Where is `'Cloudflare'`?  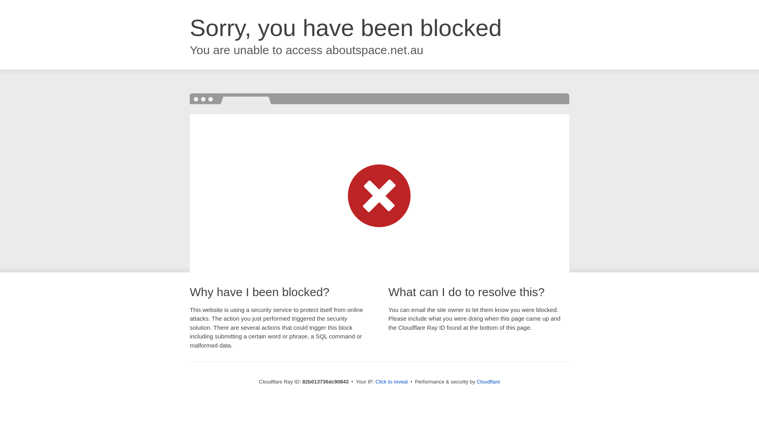
'Cloudflare' is located at coordinates (488, 381).